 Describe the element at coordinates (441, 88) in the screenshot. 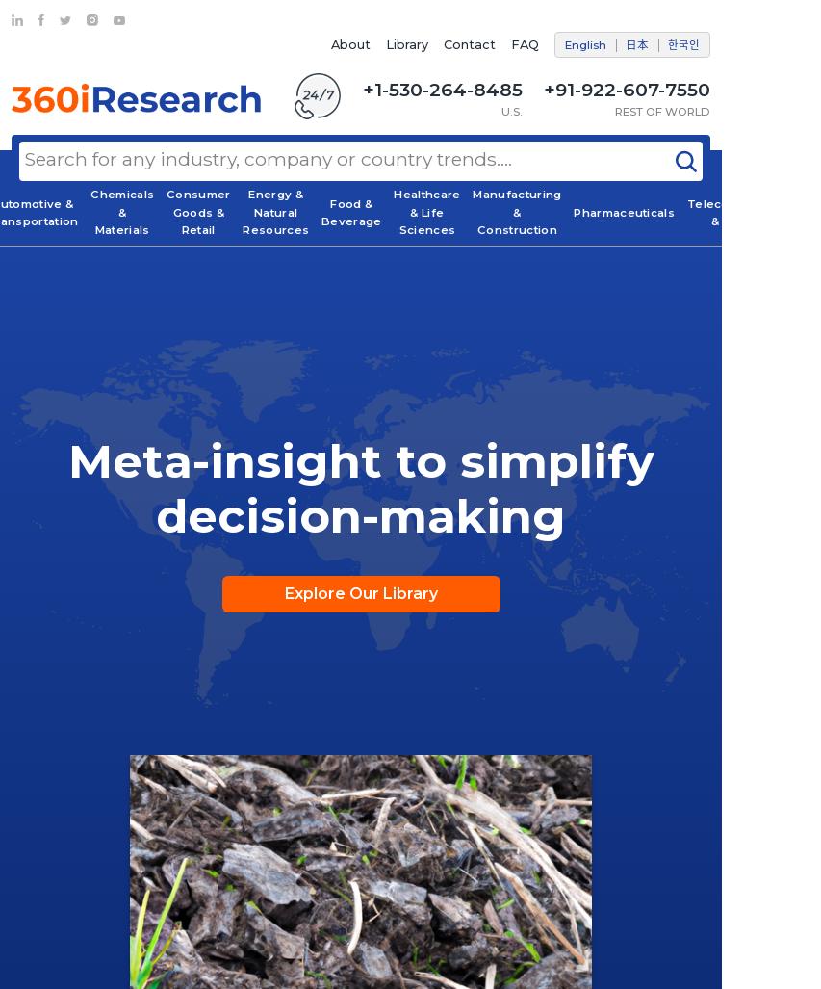

I see `'+1-530-264-8485'` at that location.